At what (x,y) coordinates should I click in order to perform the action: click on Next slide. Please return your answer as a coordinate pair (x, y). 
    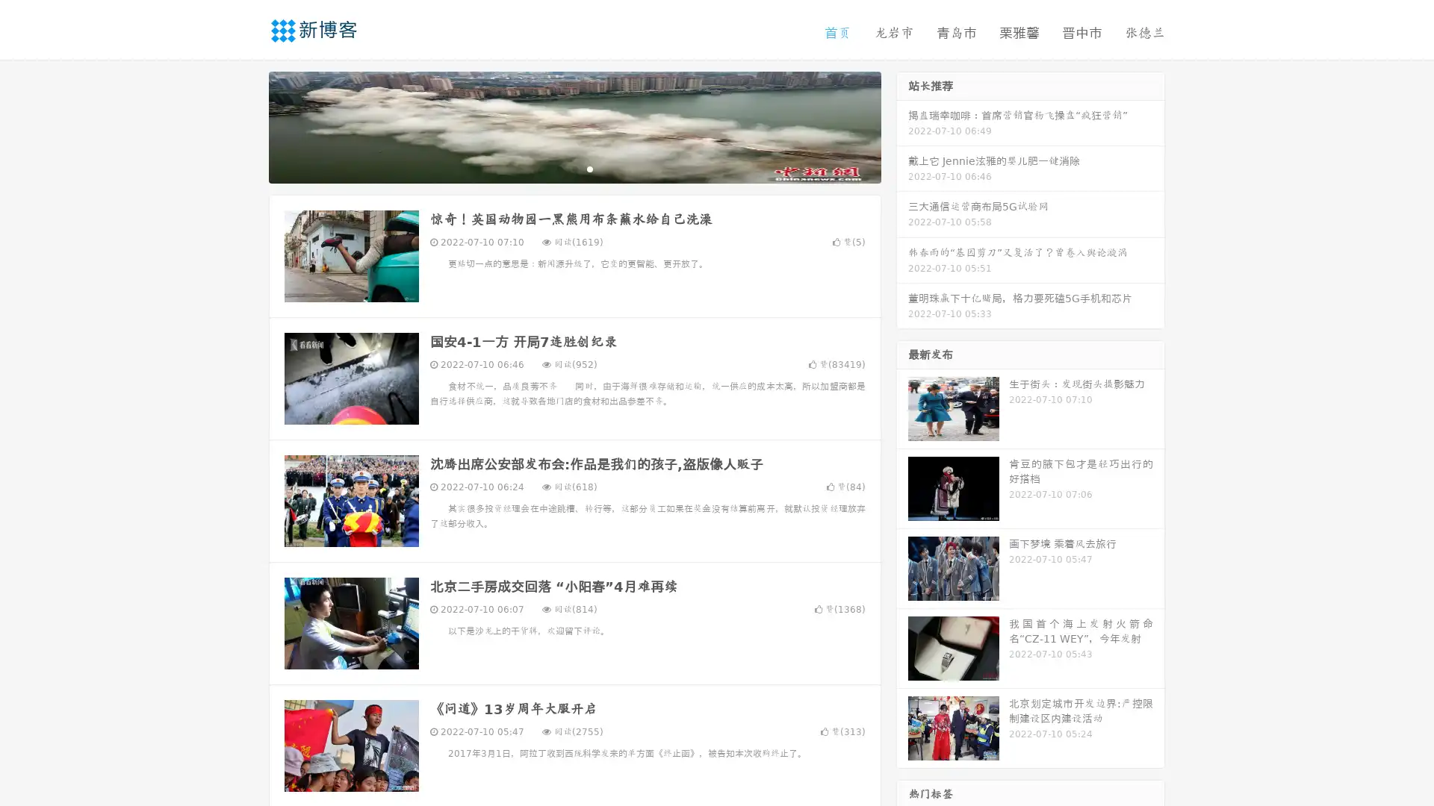
    Looking at the image, I should click on (902, 125).